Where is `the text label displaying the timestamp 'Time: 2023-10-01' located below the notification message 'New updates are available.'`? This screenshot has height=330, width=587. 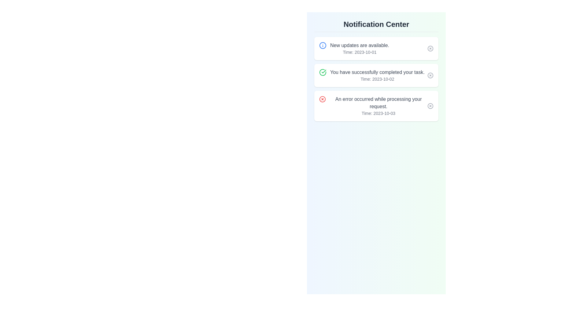 the text label displaying the timestamp 'Time: 2023-10-01' located below the notification message 'New updates are available.' is located at coordinates (360, 52).